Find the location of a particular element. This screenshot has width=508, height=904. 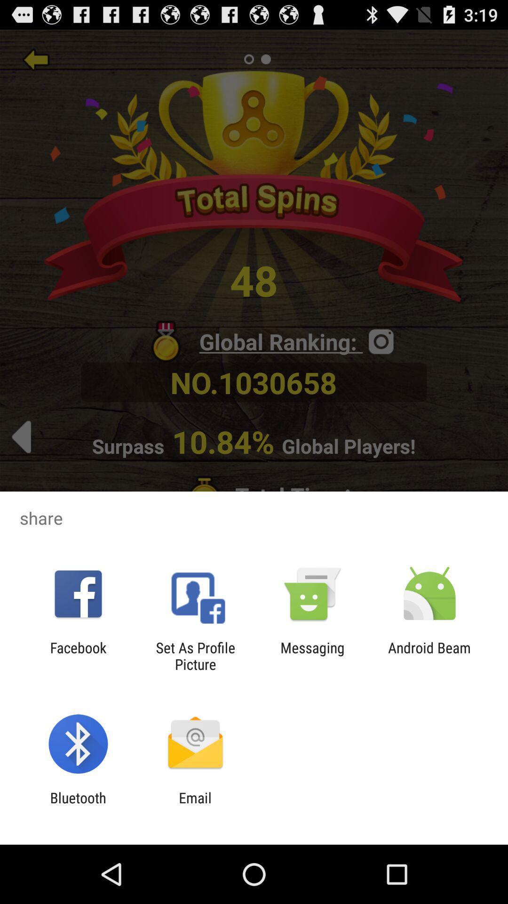

item next to messaging item is located at coordinates (195, 655).